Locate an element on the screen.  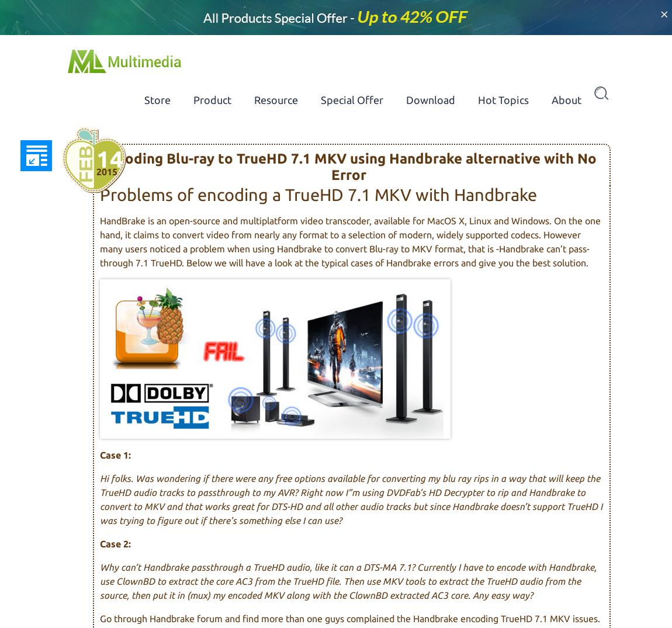
'Hi folks. Was wondering if there were any free options available for converting my blu ray rips in a way that will keep the TrueHD audio tracks to passthrough to my AVR? Right now I”m using DVDFab’s HD Decrypter to rip and Handbrake to convert to MKV and that works great for DTS-HD and all other audio tracks but since Handbrake doesn’t support TrueHD I was trying to figure out if there’s something else I can use?' is located at coordinates (350, 498).